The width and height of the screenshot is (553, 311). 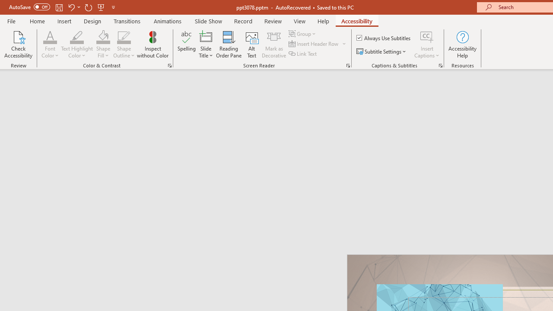 What do you see at coordinates (273, 44) in the screenshot?
I see `'Mark as Decorative'` at bounding box center [273, 44].